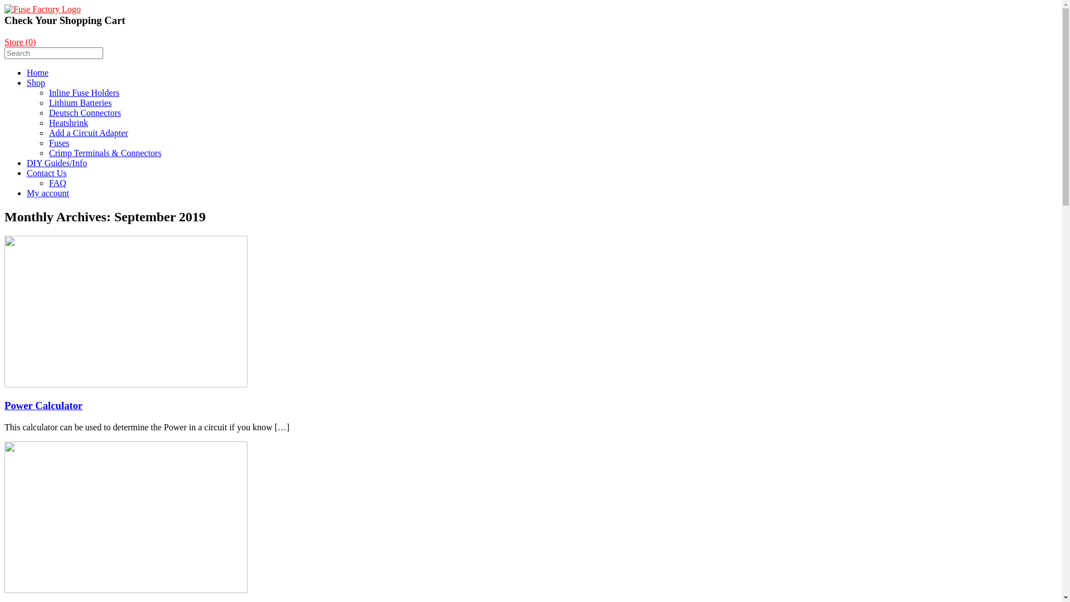 This screenshot has width=1070, height=602. Describe the element at coordinates (56, 163) in the screenshot. I see `'DIY Guides/Info'` at that location.